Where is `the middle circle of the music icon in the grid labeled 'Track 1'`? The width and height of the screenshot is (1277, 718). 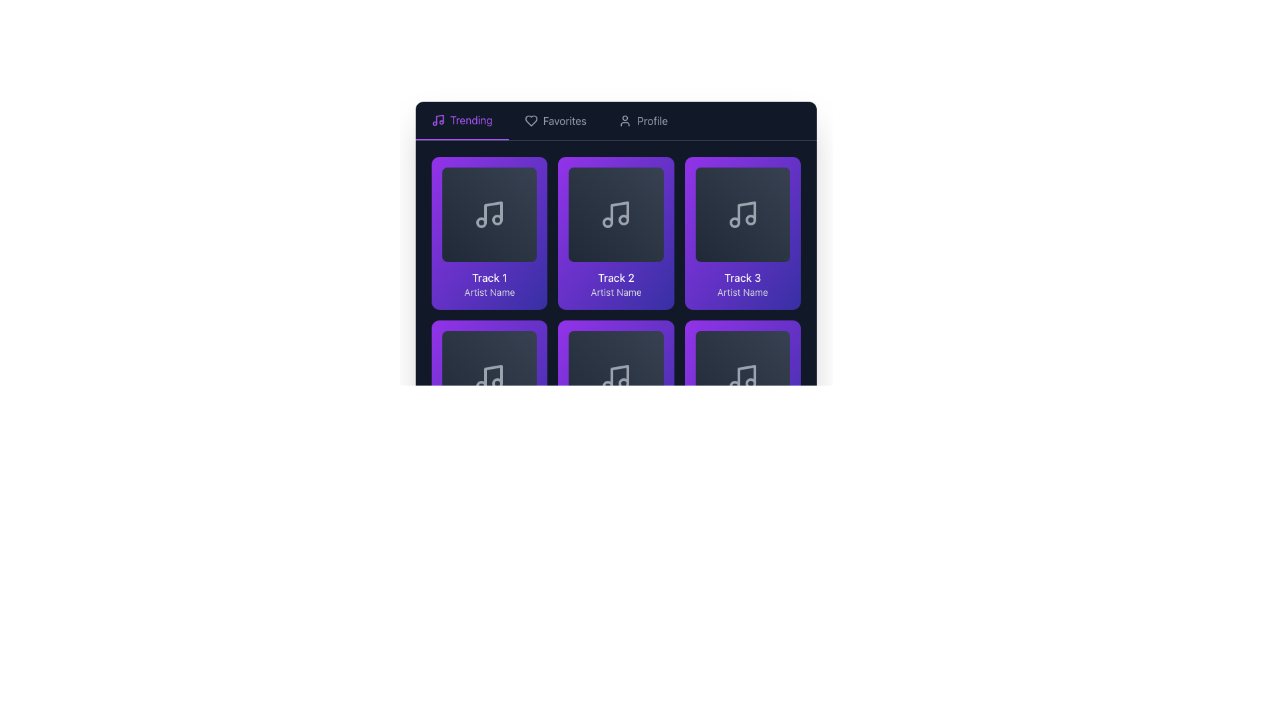
the middle circle of the music icon in the grid labeled 'Track 1' is located at coordinates (481, 222).